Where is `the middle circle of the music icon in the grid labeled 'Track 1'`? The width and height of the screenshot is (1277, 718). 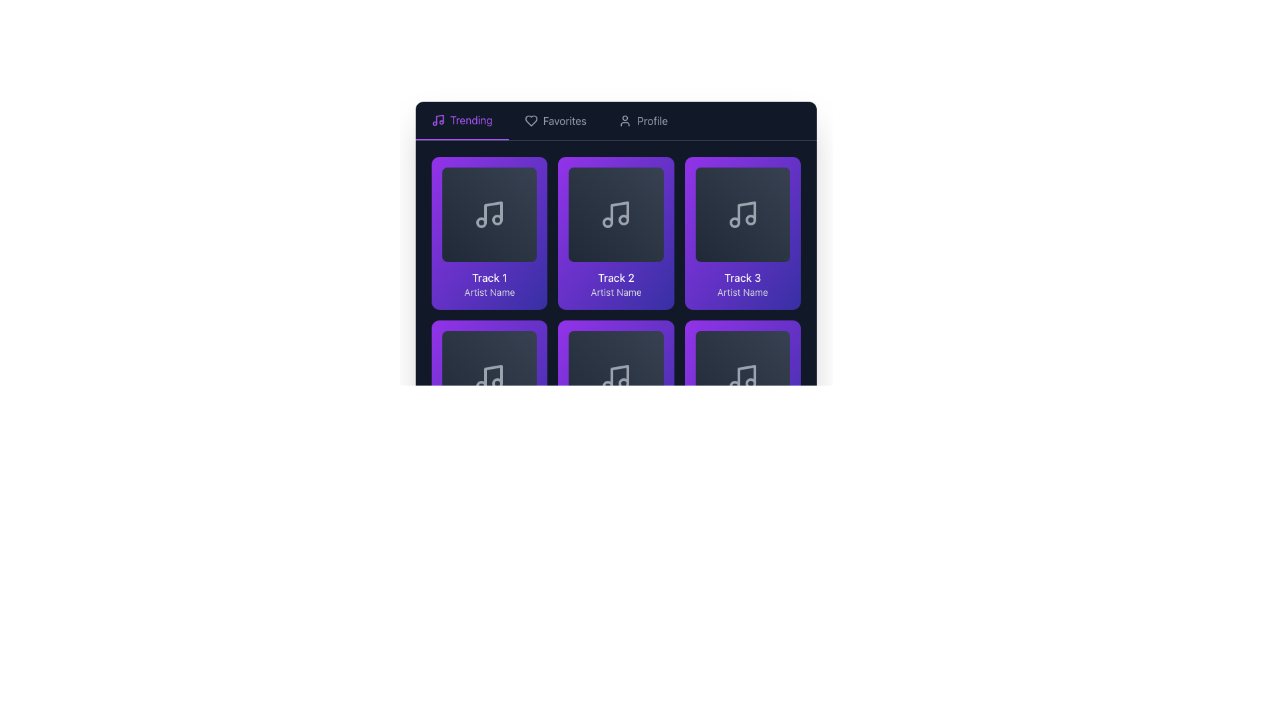
the middle circle of the music icon in the grid labeled 'Track 1' is located at coordinates (481, 222).